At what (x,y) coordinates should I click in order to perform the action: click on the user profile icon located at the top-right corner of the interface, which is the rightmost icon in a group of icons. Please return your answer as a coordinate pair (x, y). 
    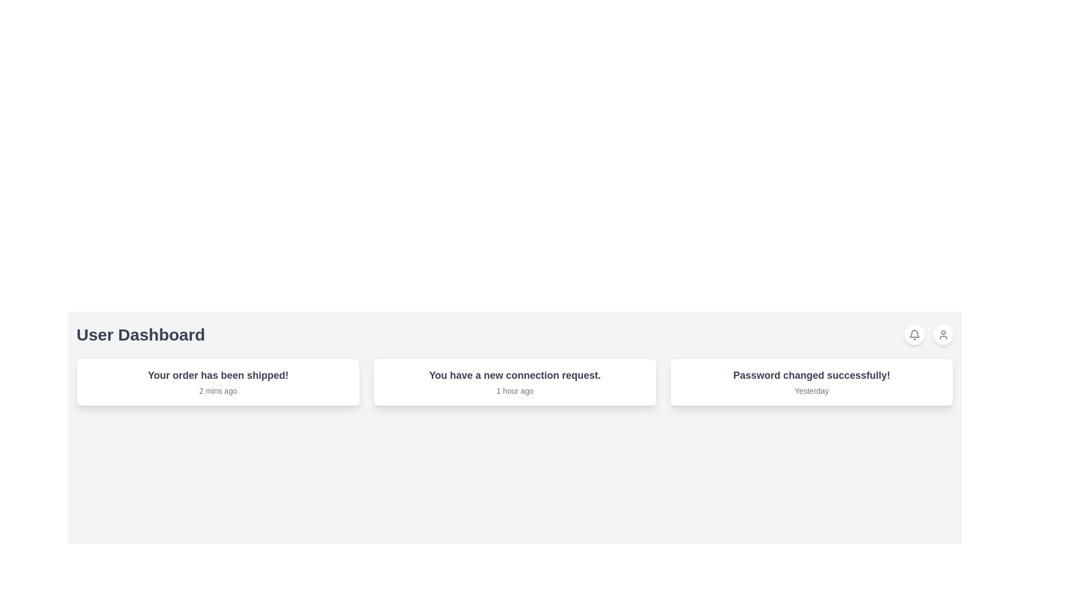
    Looking at the image, I should click on (942, 334).